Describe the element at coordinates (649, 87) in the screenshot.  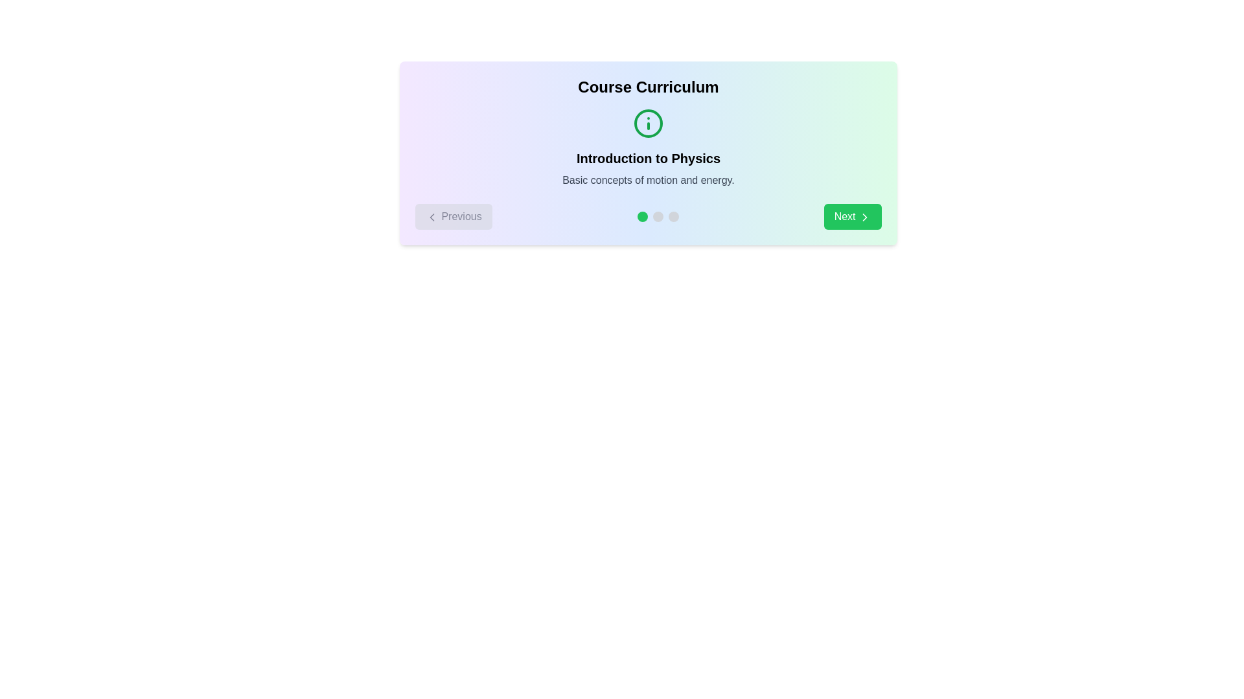
I see `the static text header labeled 'Course Curriculum' that is prominently displayed in a bold and large font at the top of the section with a gradient background` at that location.